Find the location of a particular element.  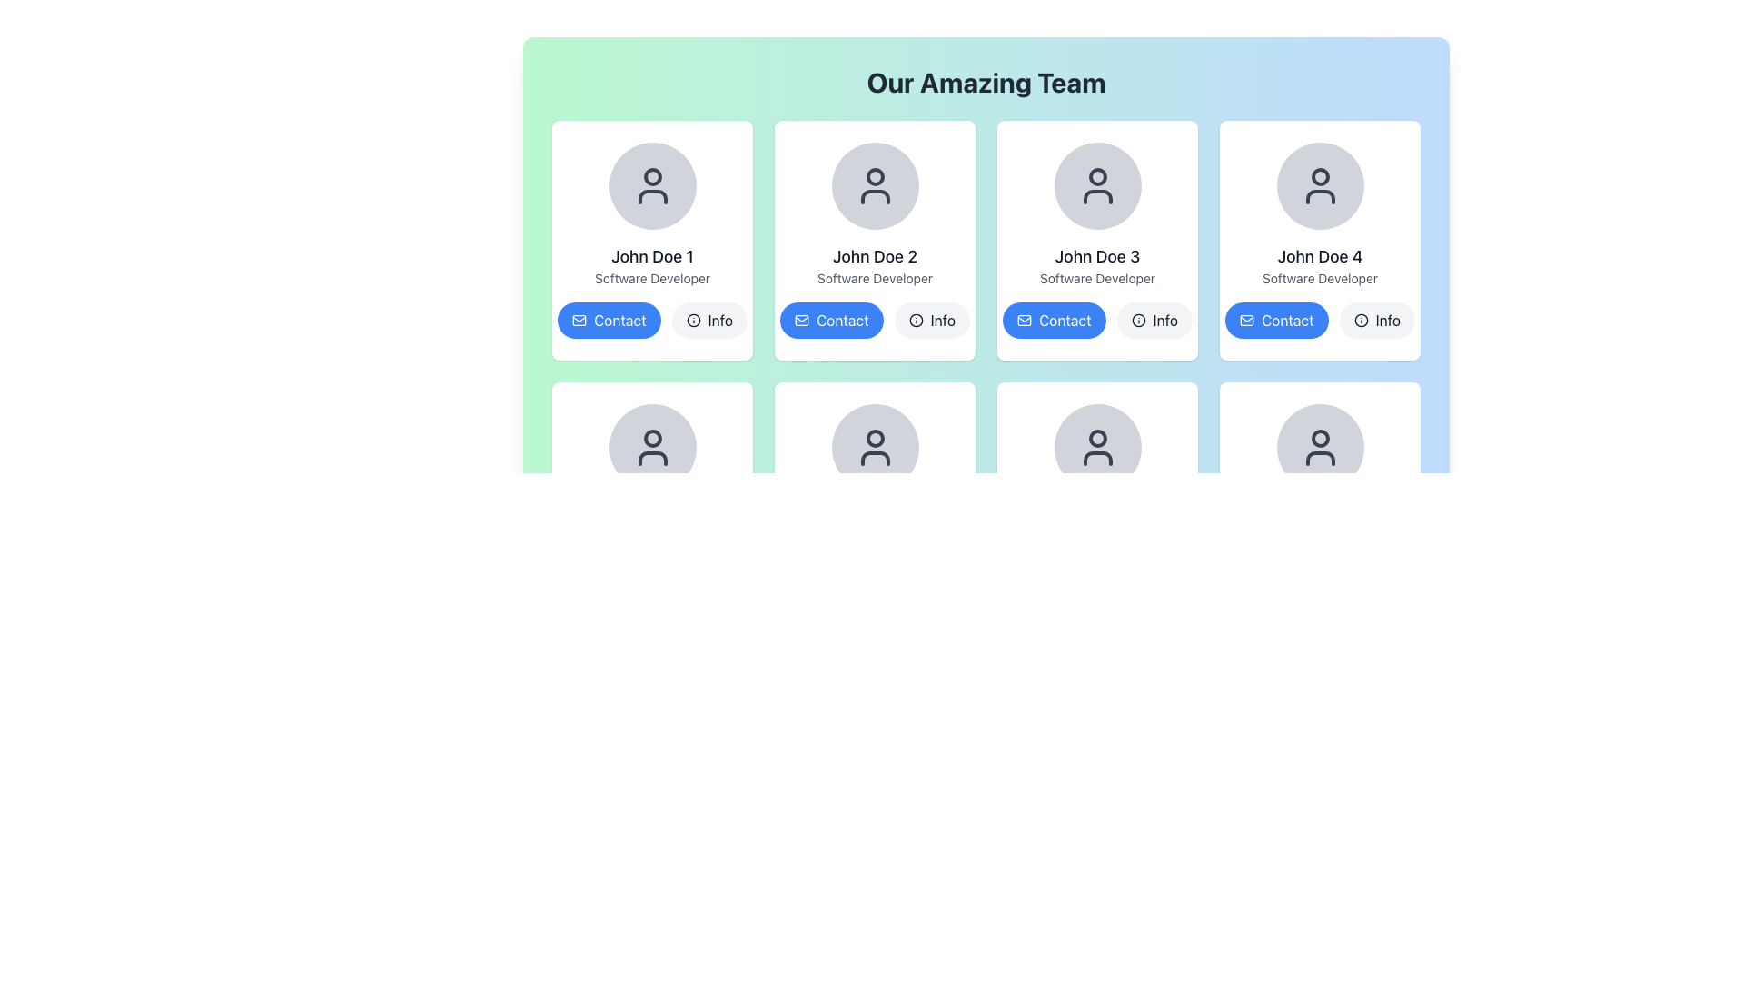

the avatar element located in the second row under the 'Our Amazing Team' heading, in the fourth column, between the 'John Doe 4' profile card and the next row is located at coordinates (1320, 448).